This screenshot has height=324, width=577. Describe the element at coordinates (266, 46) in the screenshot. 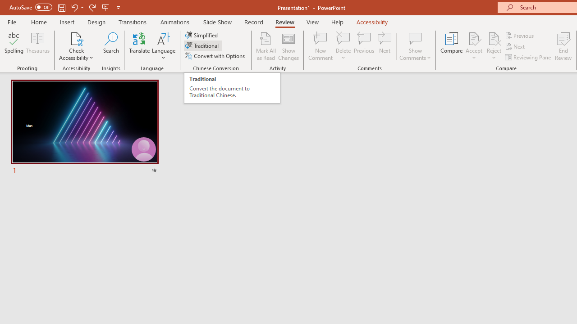

I see `'Mark All as Read'` at that location.